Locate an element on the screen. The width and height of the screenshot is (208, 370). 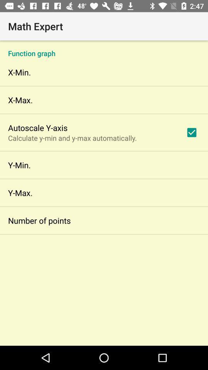
function graph item is located at coordinates (104, 49).